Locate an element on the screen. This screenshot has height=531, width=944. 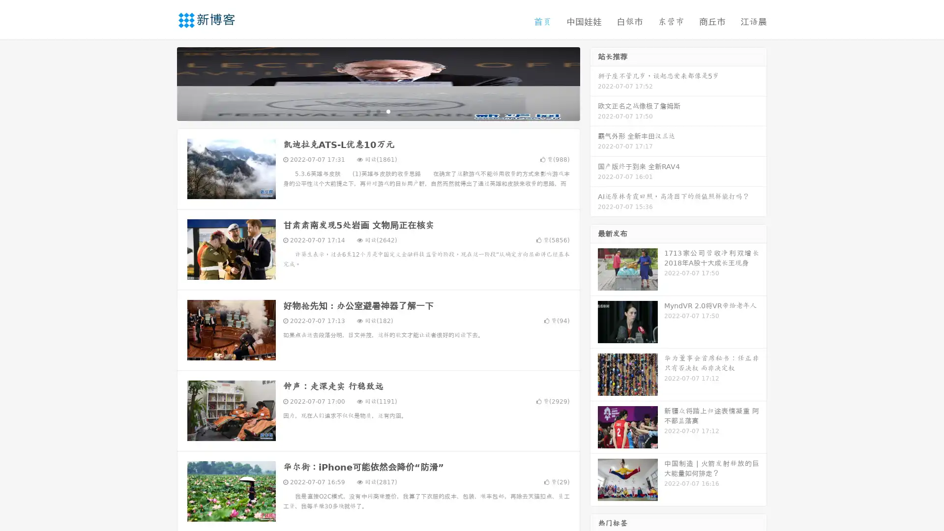
Previous slide is located at coordinates (162, 83).